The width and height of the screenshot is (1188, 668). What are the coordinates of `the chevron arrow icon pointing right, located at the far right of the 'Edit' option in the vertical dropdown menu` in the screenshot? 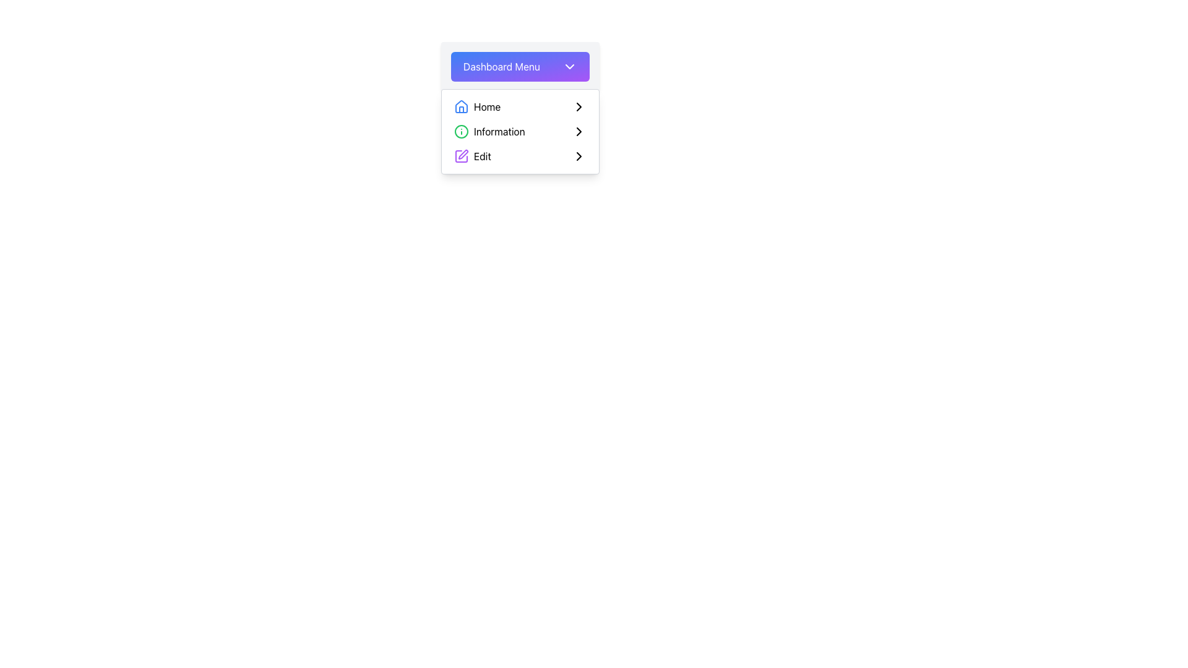 It's located at (579, 156).